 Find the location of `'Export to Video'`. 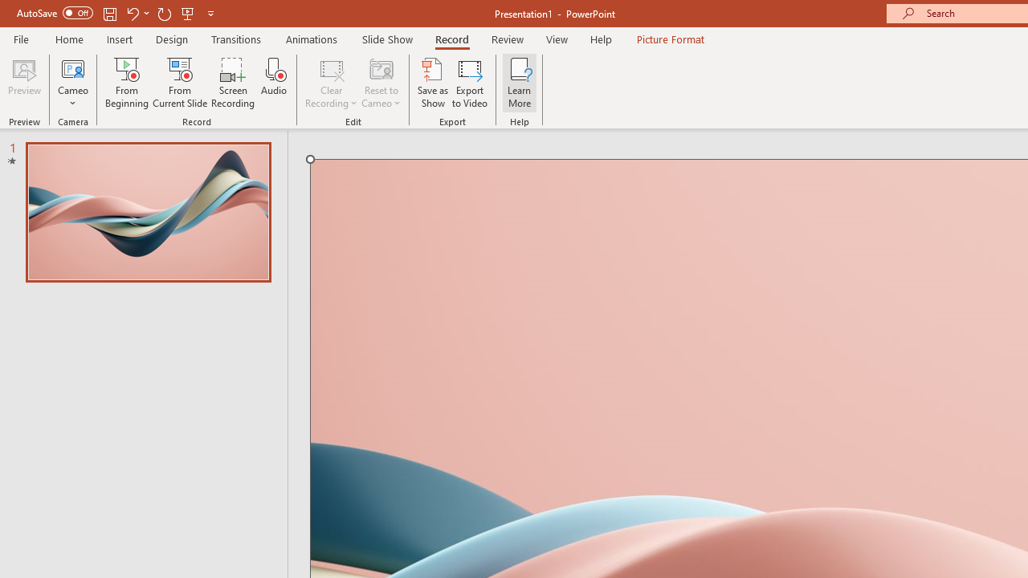

'Export to Video' is located at coordinates (469, 83).